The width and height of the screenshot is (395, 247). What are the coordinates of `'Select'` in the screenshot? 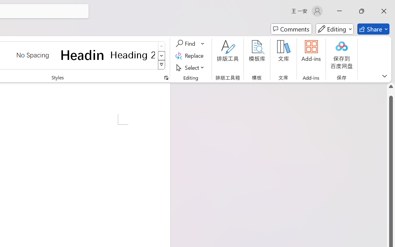 It's located at (190, 67).